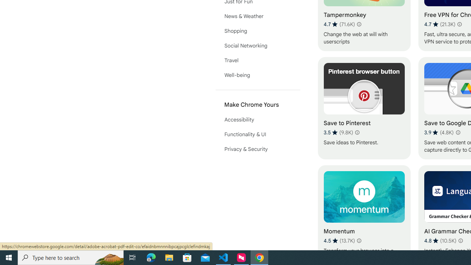 Image resolution: width=471 pixels, height=265 pixels. I want to click on 'Learn more about results and reviews "Save to Pinterest"', so click(357, 132).